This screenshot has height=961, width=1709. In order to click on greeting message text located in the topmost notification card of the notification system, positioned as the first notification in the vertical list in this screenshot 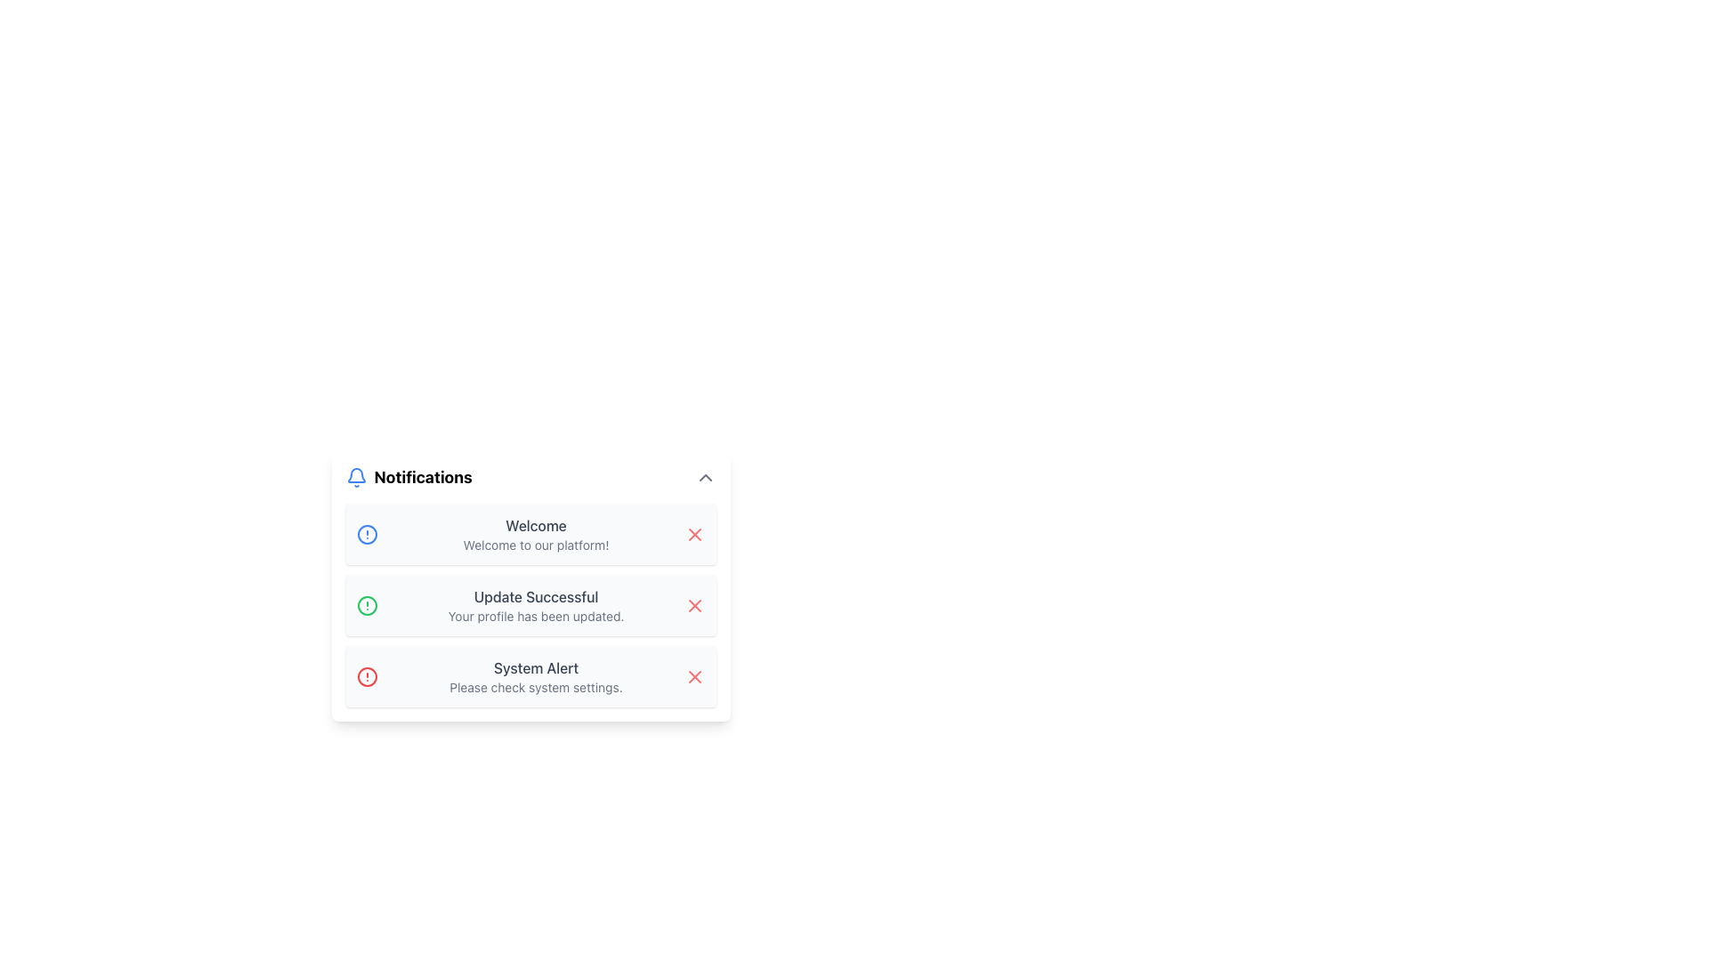, I will do `click(535, 534)`.